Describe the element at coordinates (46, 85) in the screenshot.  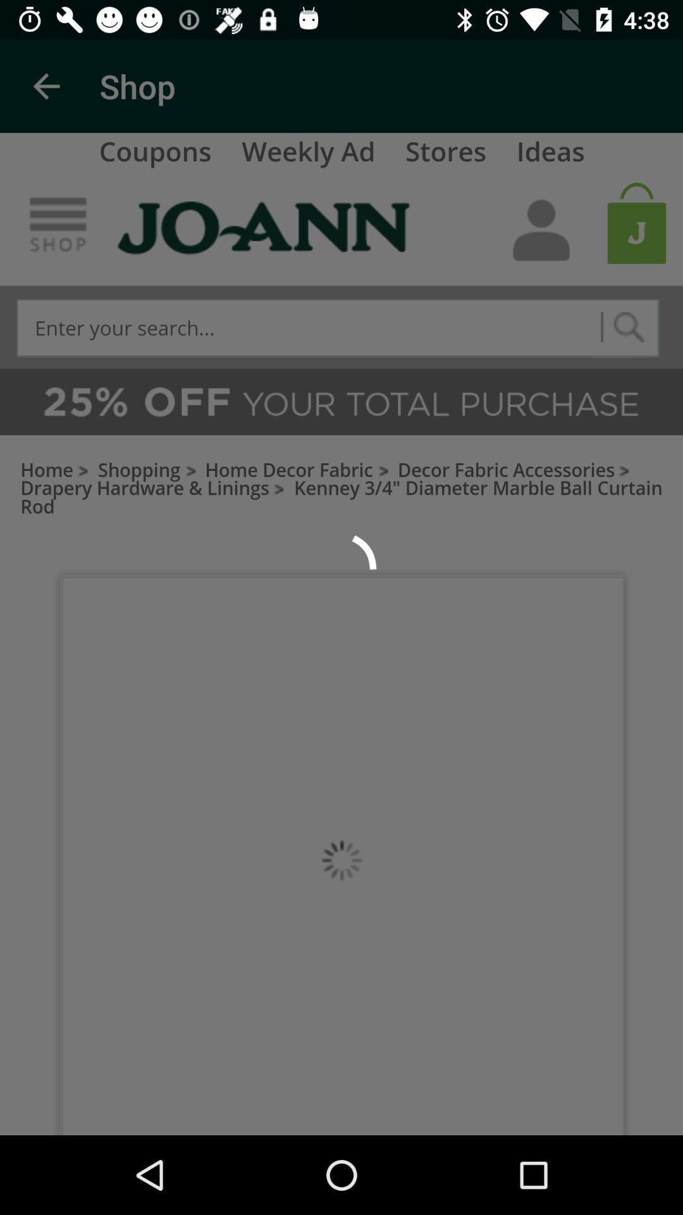
I see `switch to previous page` at that location.